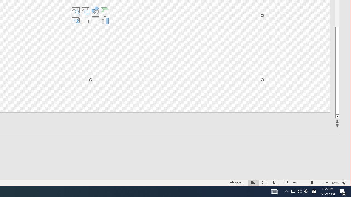 The height and width of the screenshot is (197, 351). What do you see at coordinates (75, 10) in the screenshot?
I see `'Stock Images'` at bounding box center [75, 10].